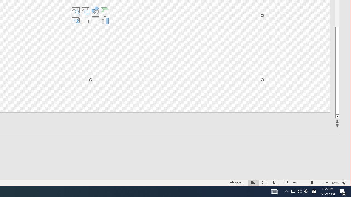 The height and width of the screenshot is (197, 351). What do you see at coordinates (75, 10) in the screenshot?
I see `'Stock Images'` at bounding box center [75, 10].